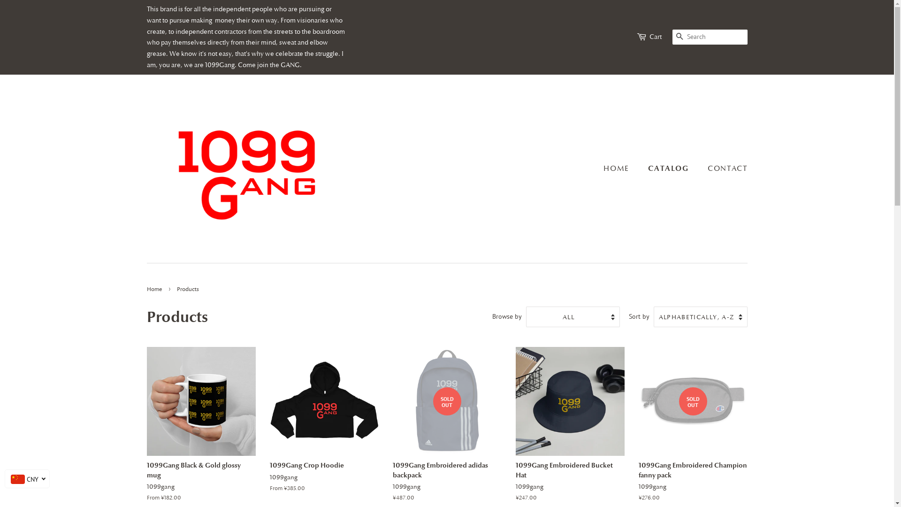  What do you see at coordinates (669, 168) in the screenshot?
I see `'CATALOG'` at bounding box center [669, 168].